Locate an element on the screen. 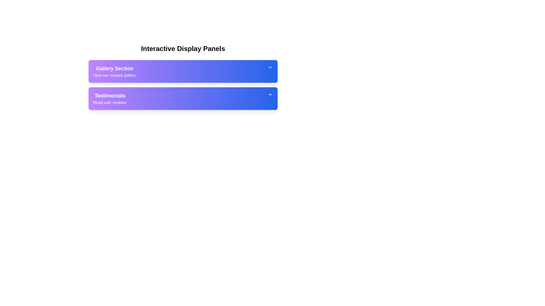 The height and width of the screenshot is (306, 545). the 'Testimonials' text label, which is prominently displayed in a bold font on a gradient background panel is located at coordinates (110, 95).